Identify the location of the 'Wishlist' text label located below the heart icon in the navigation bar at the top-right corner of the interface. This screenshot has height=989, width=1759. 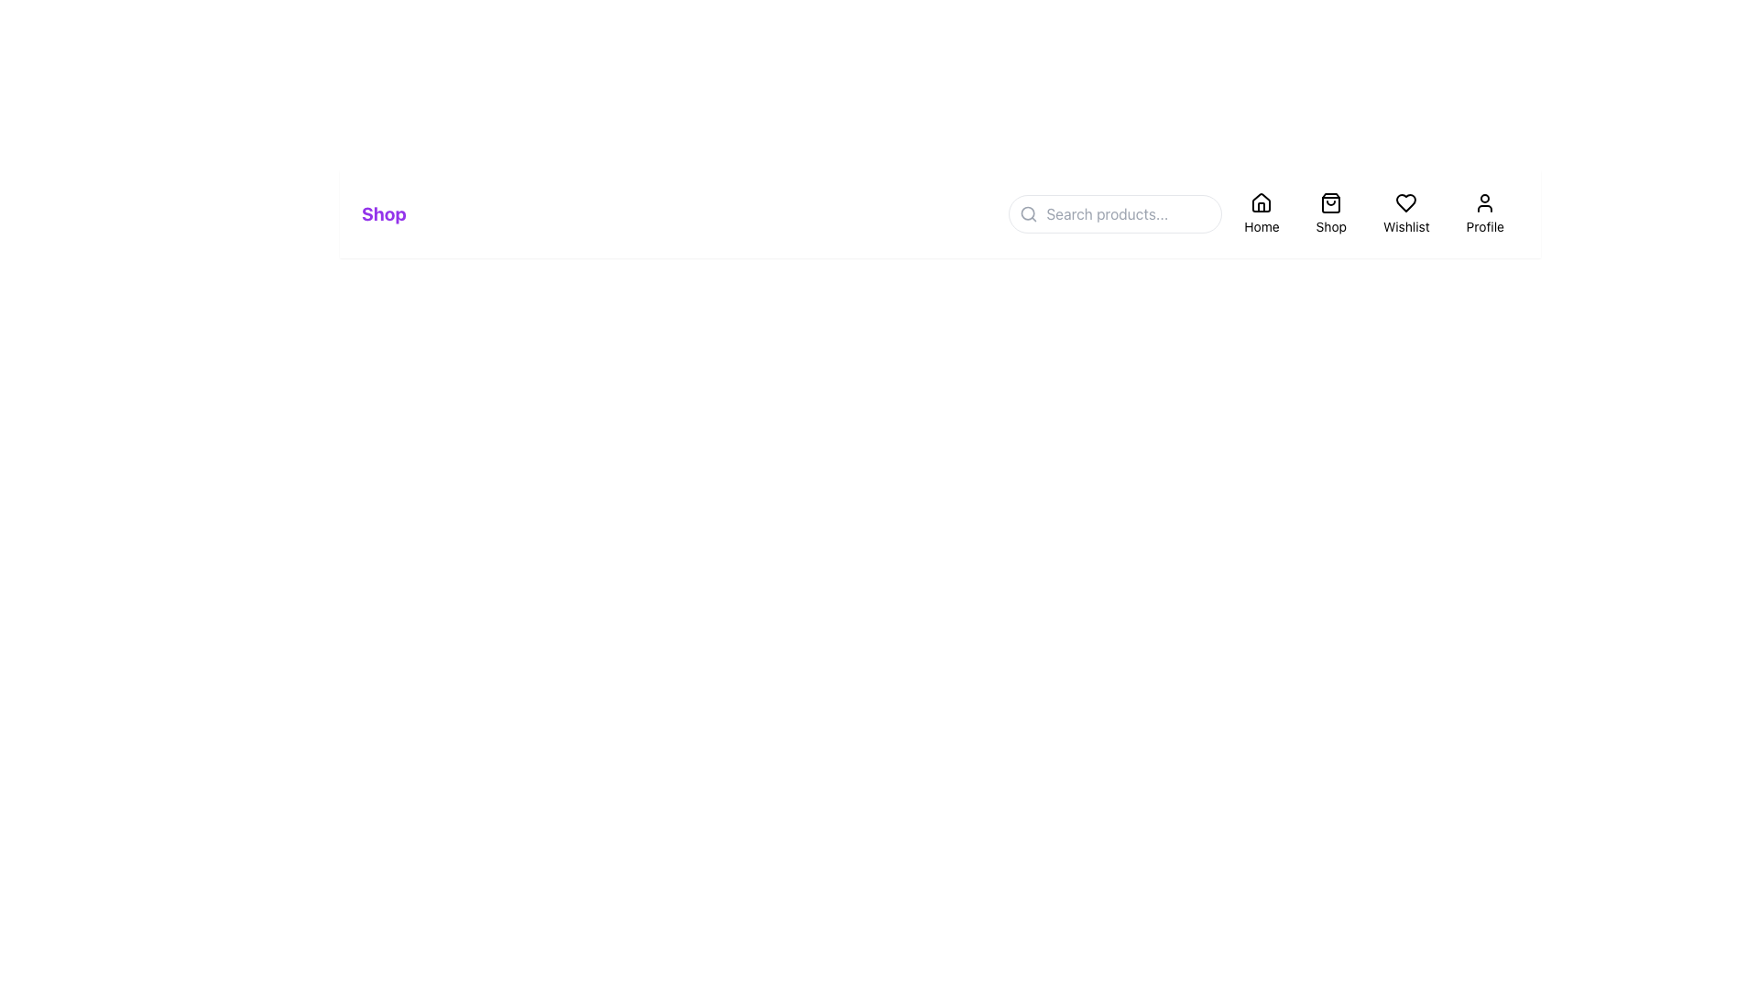
(1405, 225).